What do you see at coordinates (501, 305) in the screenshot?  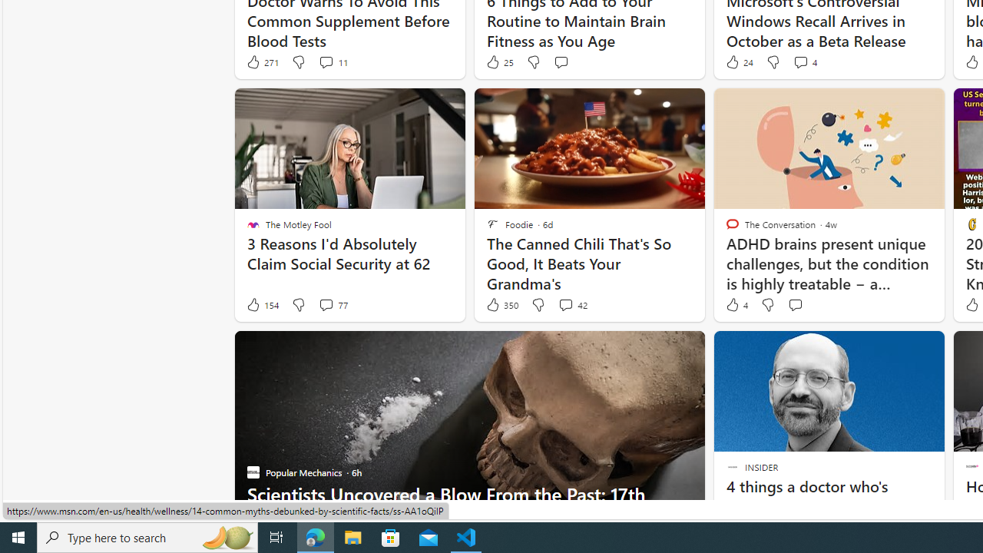 I see `'350 Like'` at bounding box center [501, 305].